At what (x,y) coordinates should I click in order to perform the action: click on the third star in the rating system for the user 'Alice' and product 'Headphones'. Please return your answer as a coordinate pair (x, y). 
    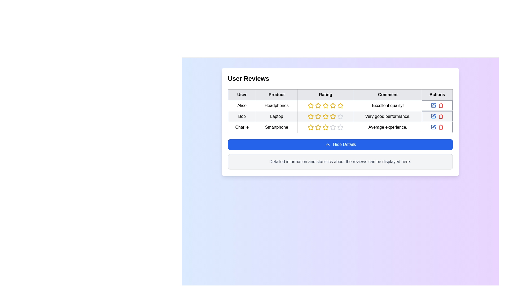
    Looking at the image, I should click on (325, 105).